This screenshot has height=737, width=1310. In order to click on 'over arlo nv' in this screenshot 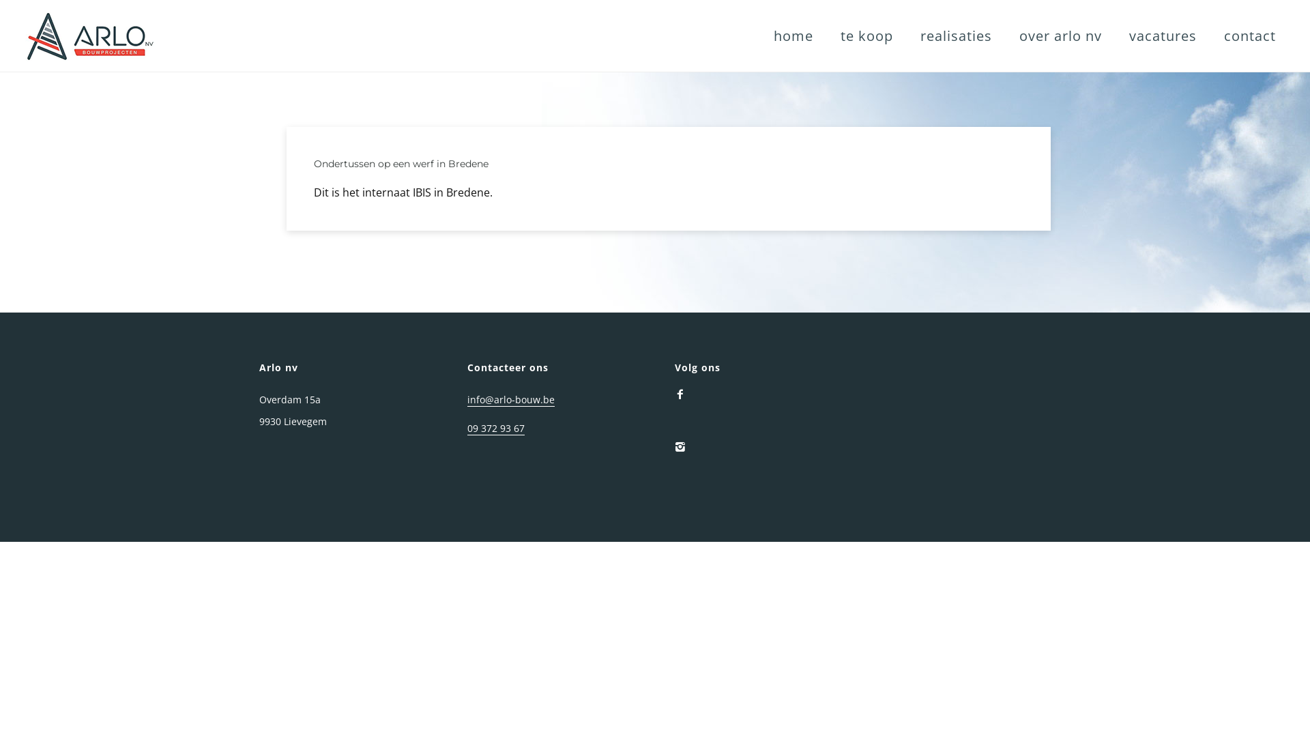, I will do `click(1060, 35)`.